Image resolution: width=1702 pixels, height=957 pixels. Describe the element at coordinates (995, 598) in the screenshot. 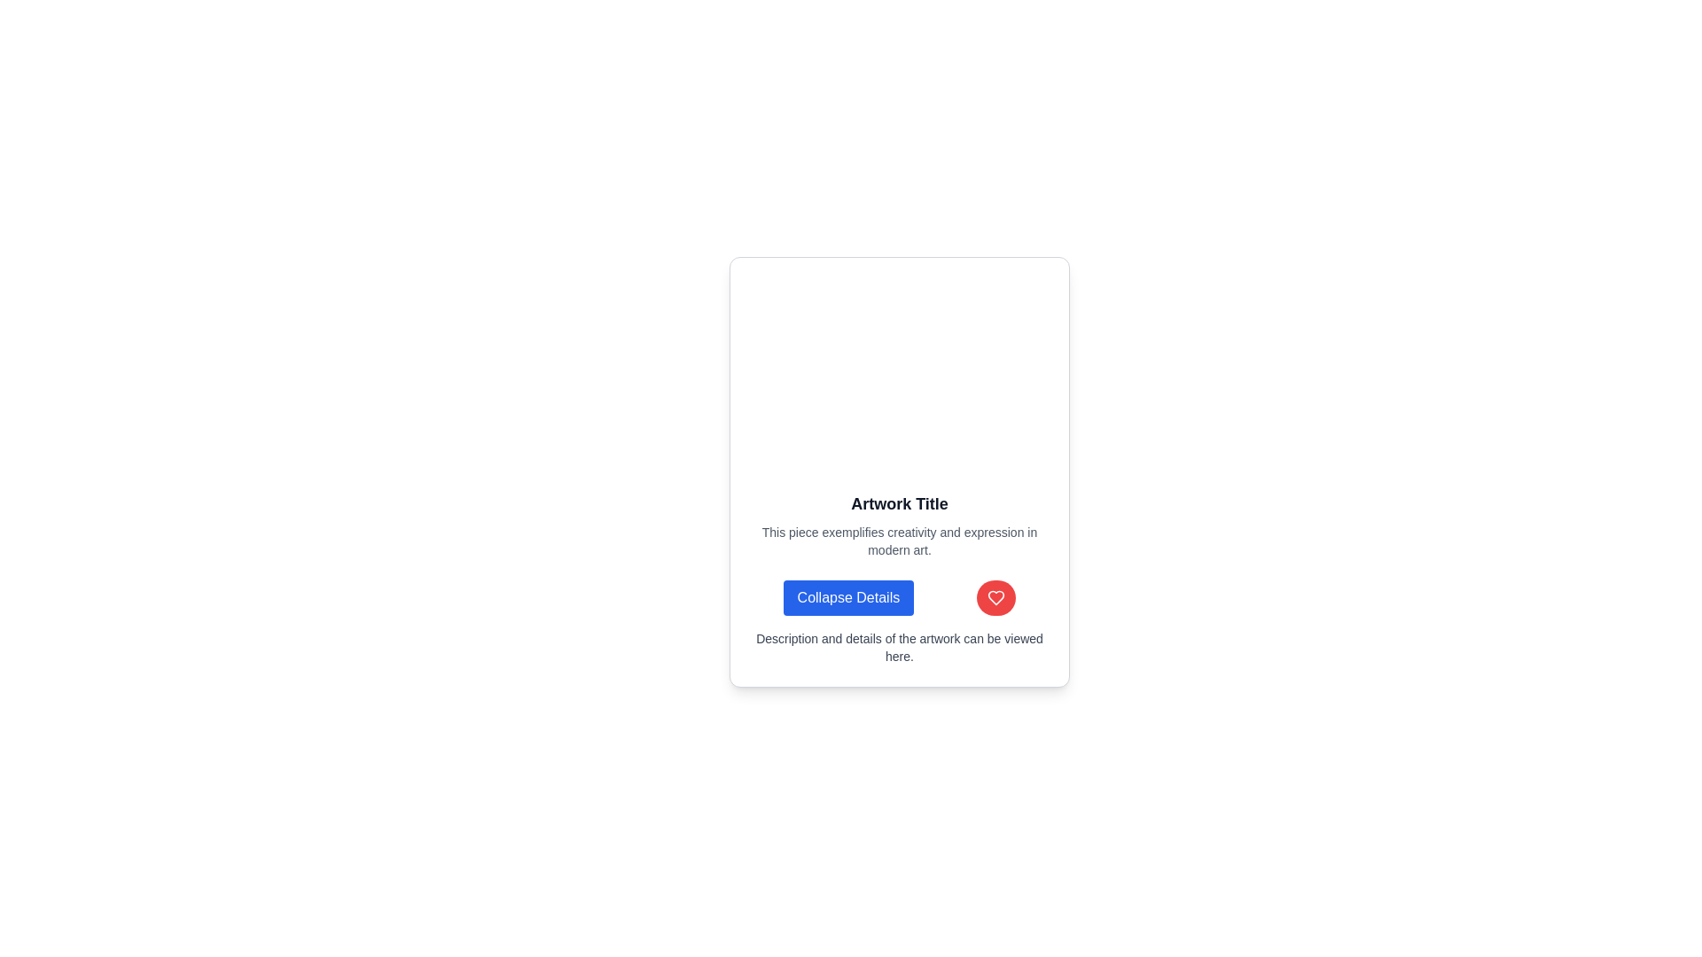

I see `the small circular button with a red background and white heart icon, located to the right of the blue rectangular 'Collapse Details' button, to like or favorite the item` at that location.